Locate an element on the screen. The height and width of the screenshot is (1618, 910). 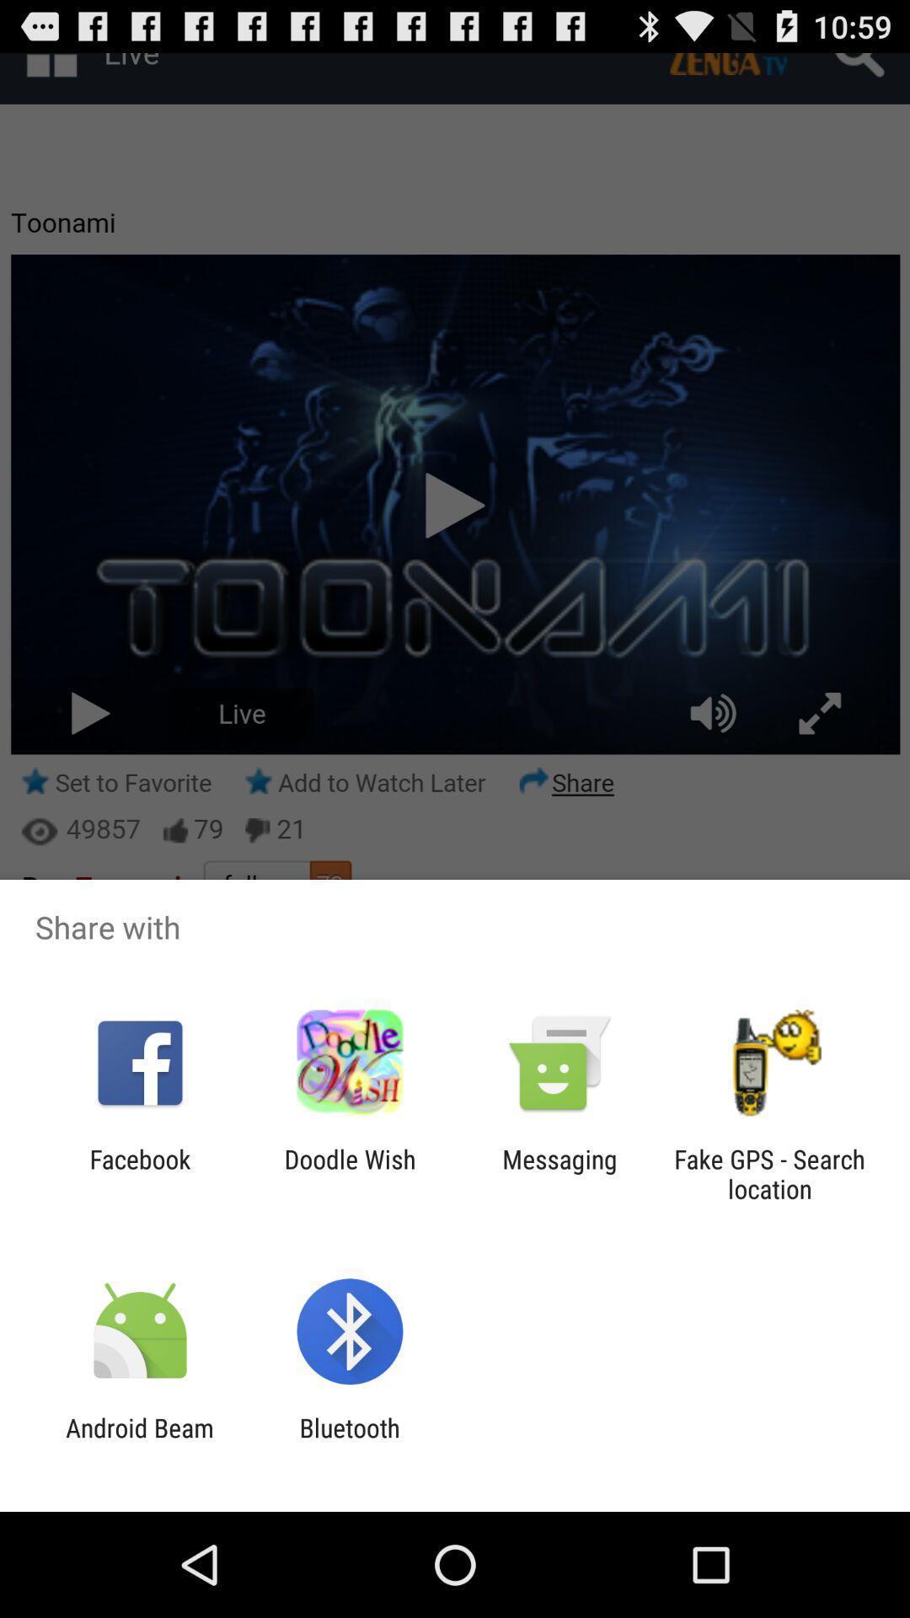
fake gps search is located at coordinates (769, 1173).